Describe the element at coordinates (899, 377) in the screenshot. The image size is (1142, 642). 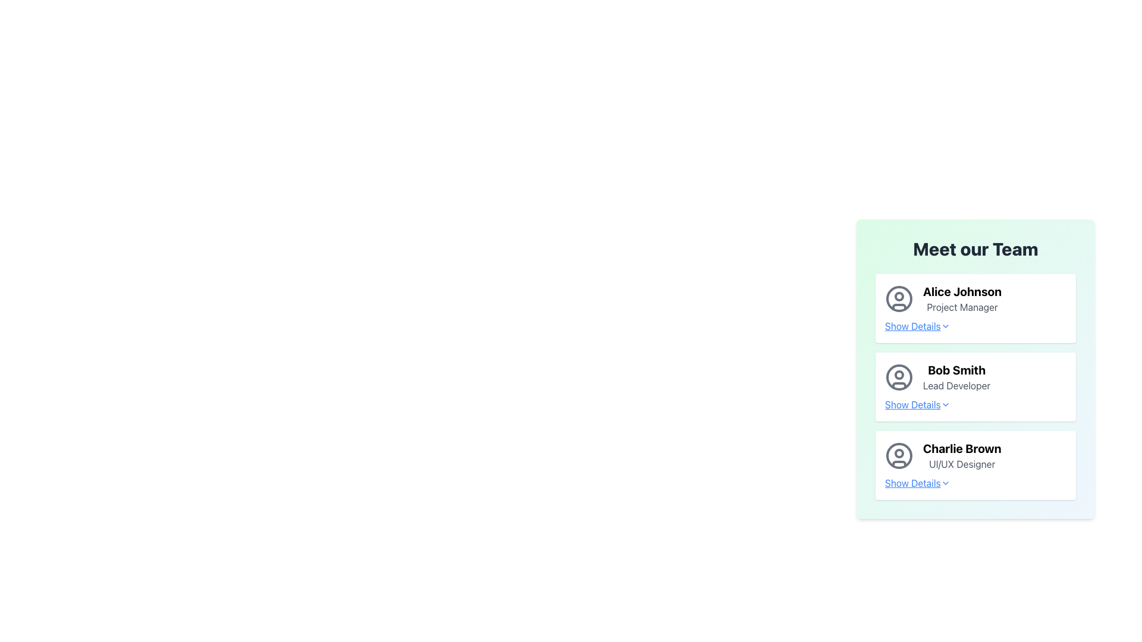
I see `the profile picture icon for 'Bob Smith,' located at the top-left of the card, which visually represents him as the 'Lead Developer.'` at that location.